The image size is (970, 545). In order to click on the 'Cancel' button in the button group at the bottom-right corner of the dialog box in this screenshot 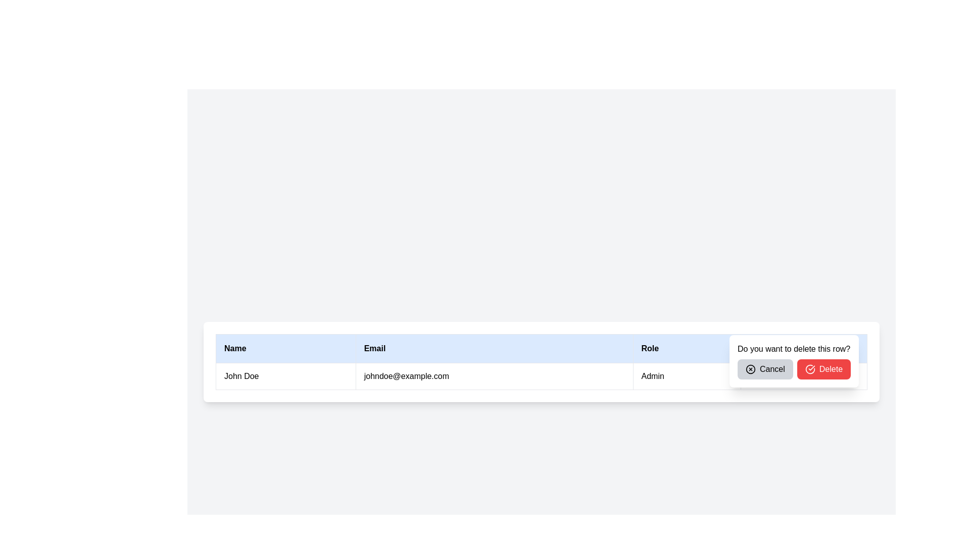, I will do `click(793, 369)`.